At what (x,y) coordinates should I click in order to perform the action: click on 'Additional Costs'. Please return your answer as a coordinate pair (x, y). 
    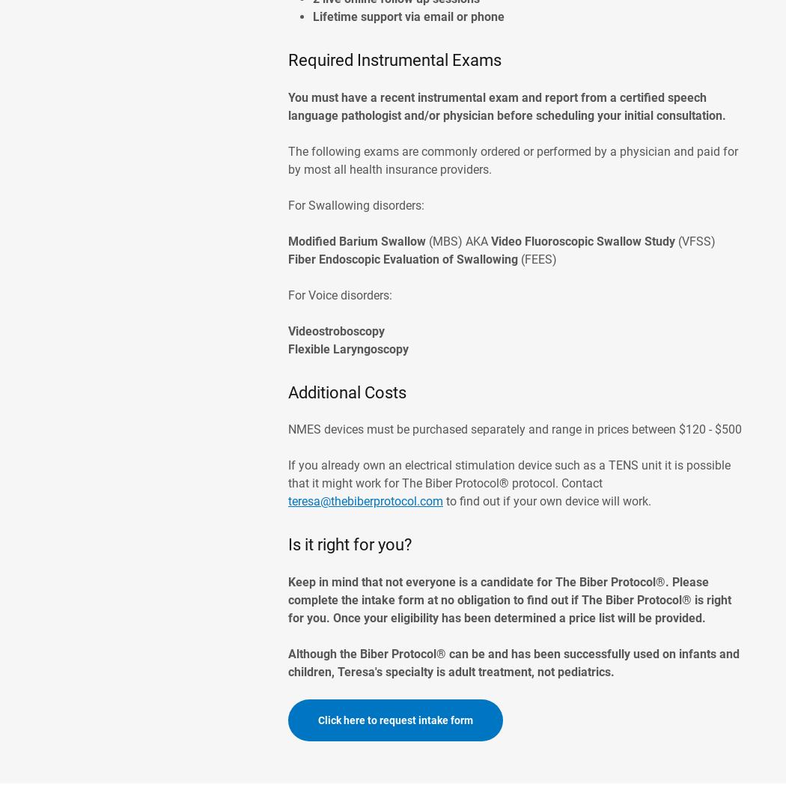
    Looking at the image, I should click on (347, 392).